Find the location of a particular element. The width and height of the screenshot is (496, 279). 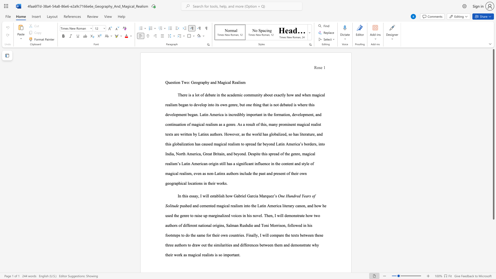

the subset text "te" within the text "demonstrate" is located at coordinates (301, 215).